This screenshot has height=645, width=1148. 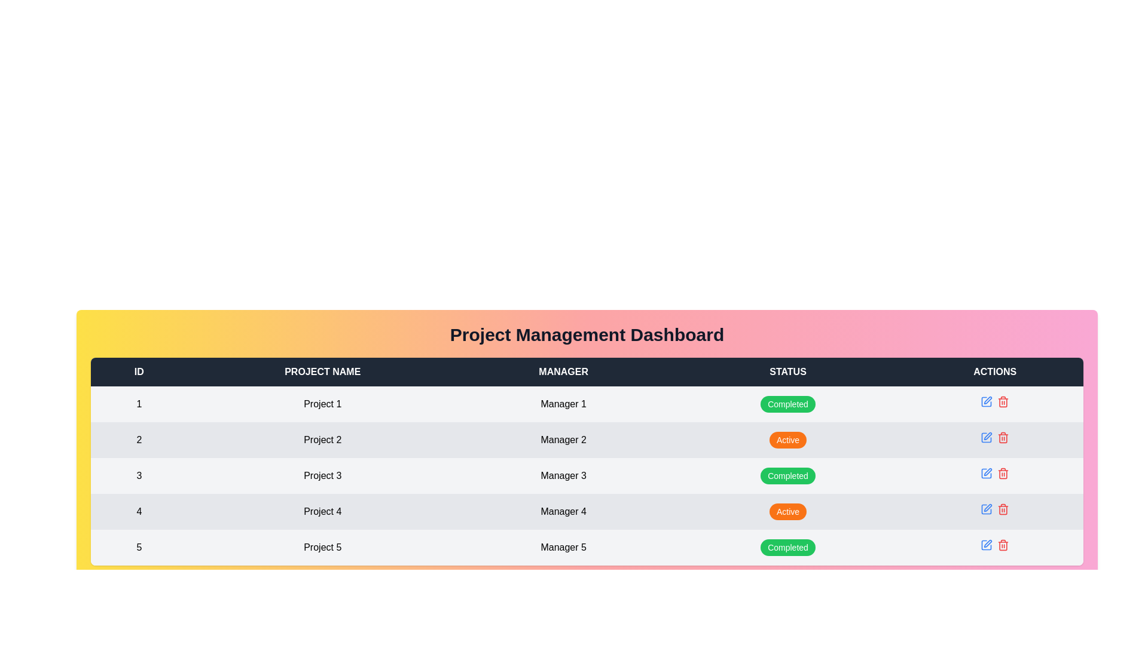 What do you see at coordinates (788, 404) in the screenshot?
I see `the green pill-shaped label that displays 'Completed' in white color, located in the 'Status' column of the first row of the table` at bounding box center [788, 404].